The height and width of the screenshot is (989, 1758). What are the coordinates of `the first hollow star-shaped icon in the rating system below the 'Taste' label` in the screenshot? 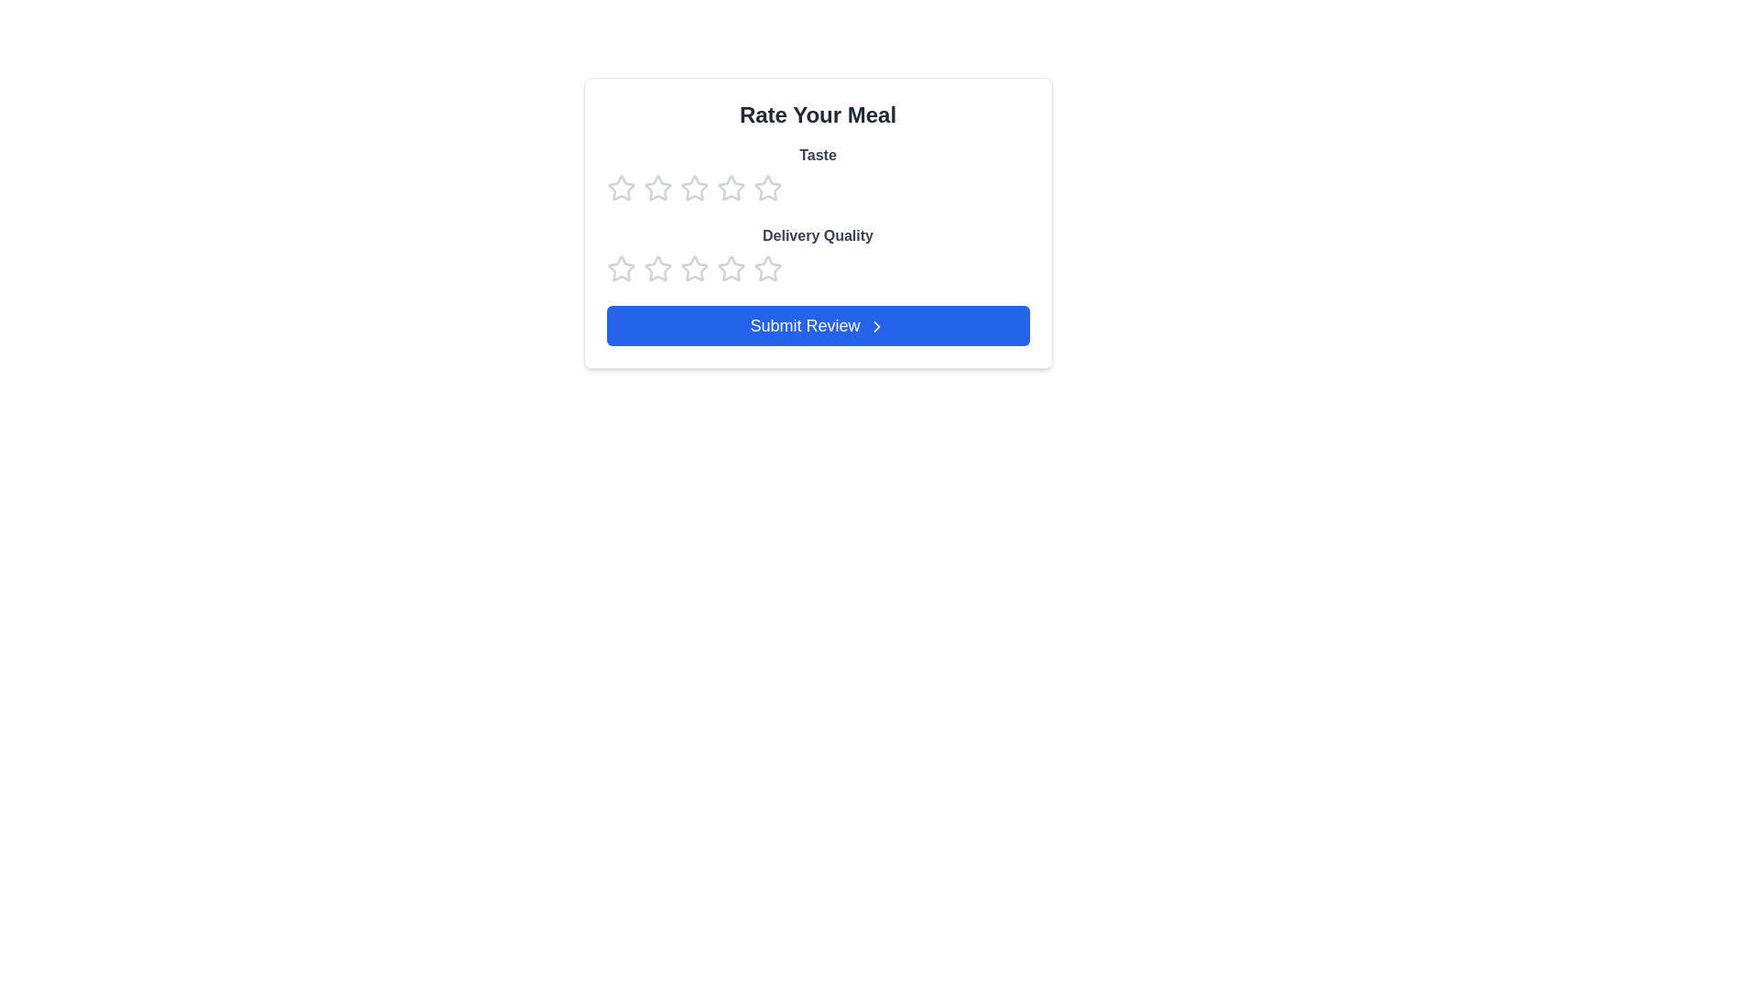 It's located at (657, 188).